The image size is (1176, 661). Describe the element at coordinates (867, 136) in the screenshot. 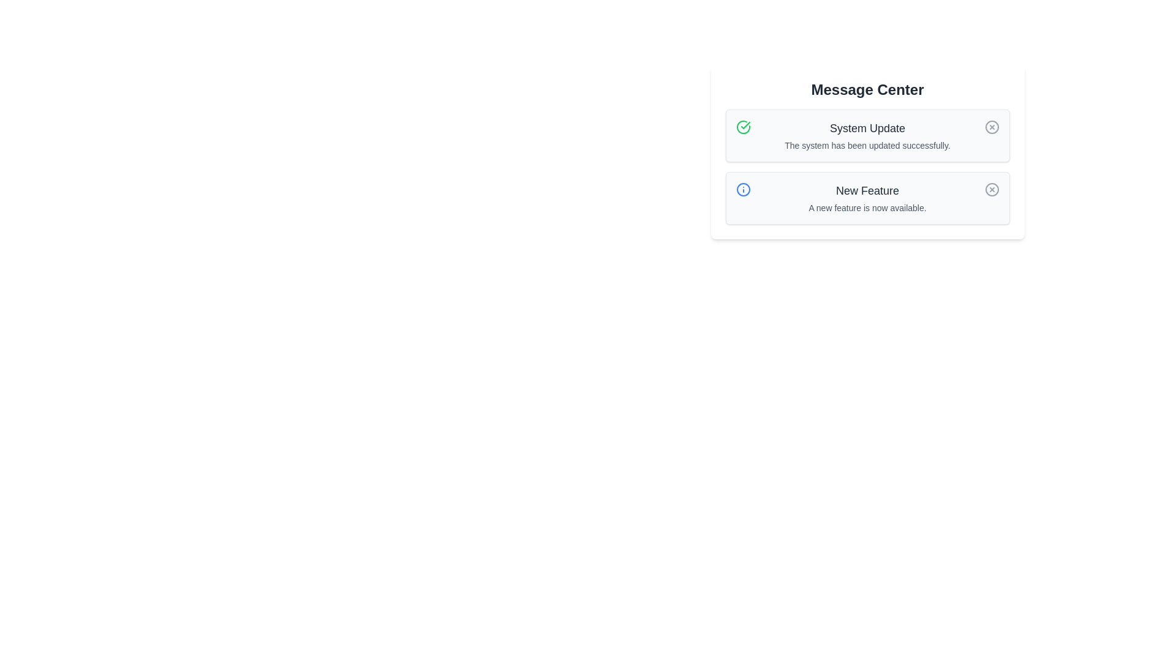

I see `the Notification card that informs the user about a successful system update, which is located at the first position in the vertically stacked list of notifications` at that location.